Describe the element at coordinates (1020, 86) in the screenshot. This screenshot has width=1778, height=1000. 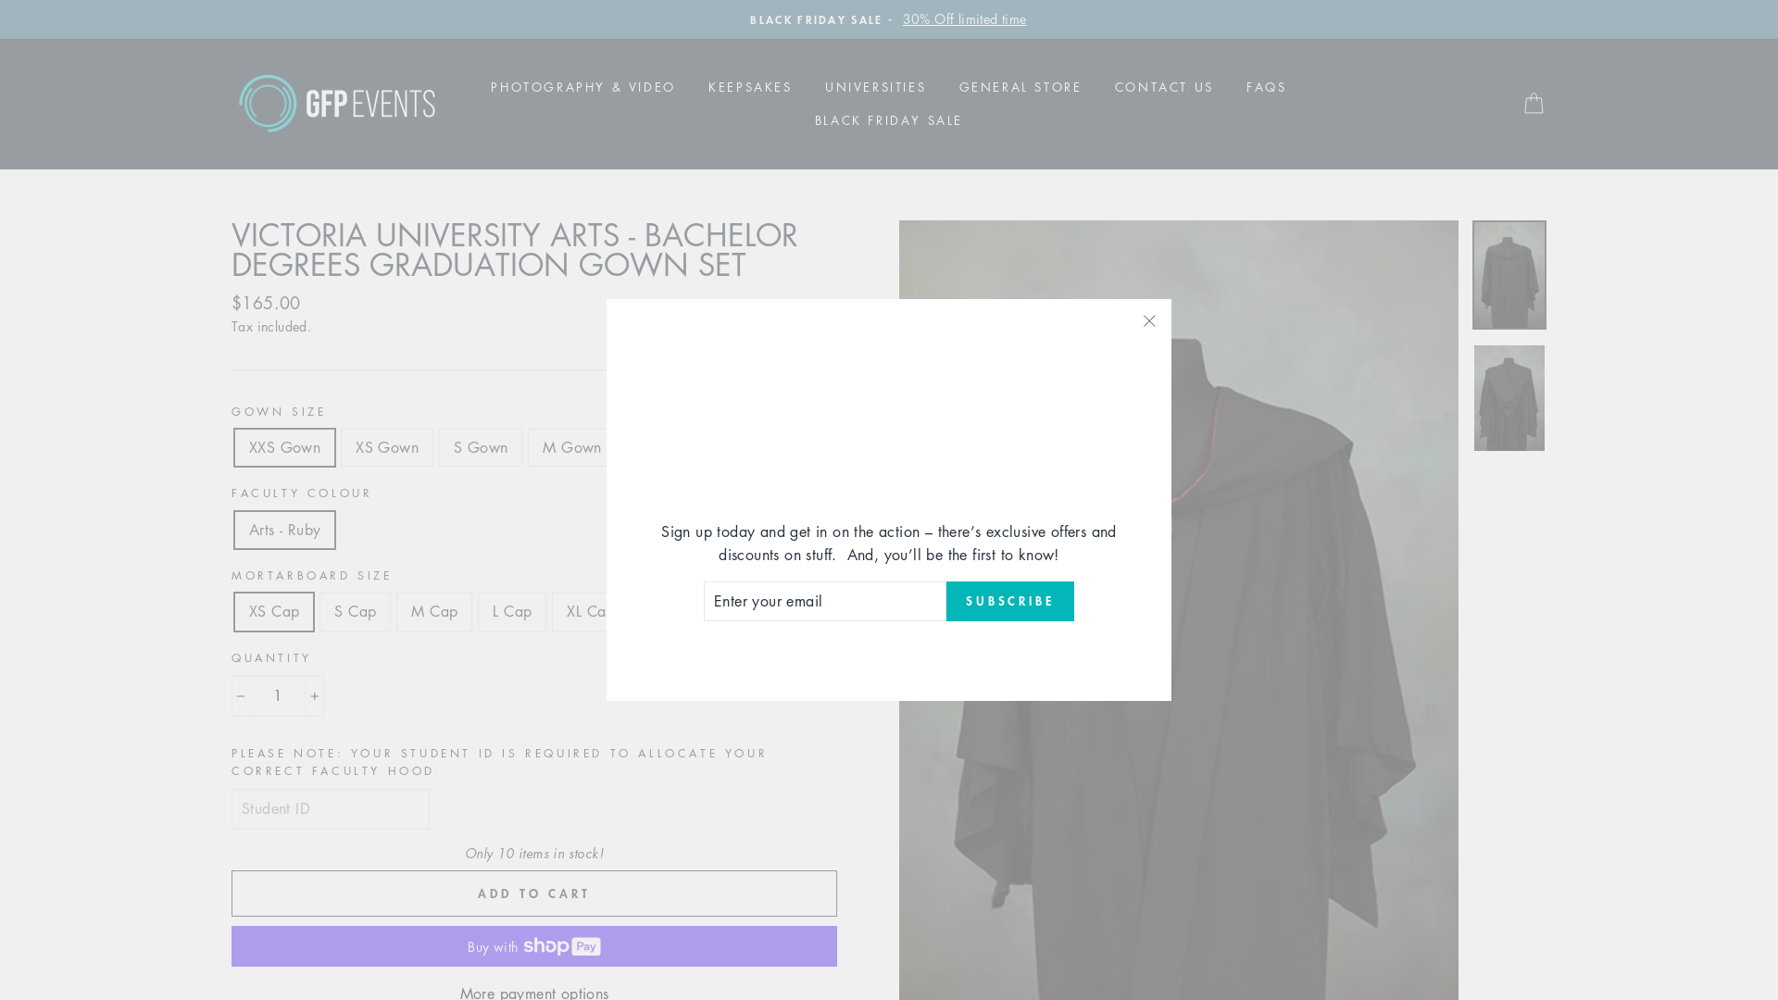
I see `'GENERAL STORE'` at that location.